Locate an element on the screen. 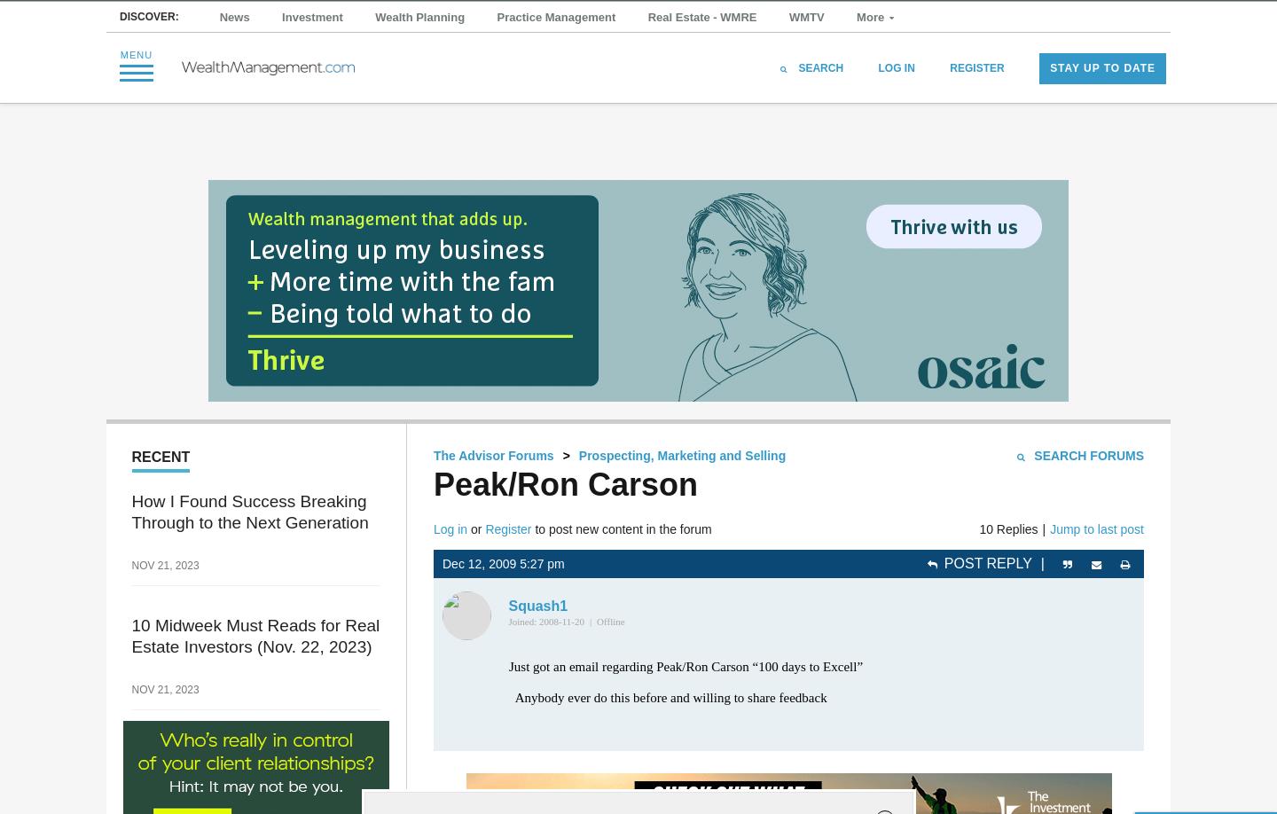 This screenshot has height=814, width=1277. '10 Replies' is located at coordinates (1007, 528).